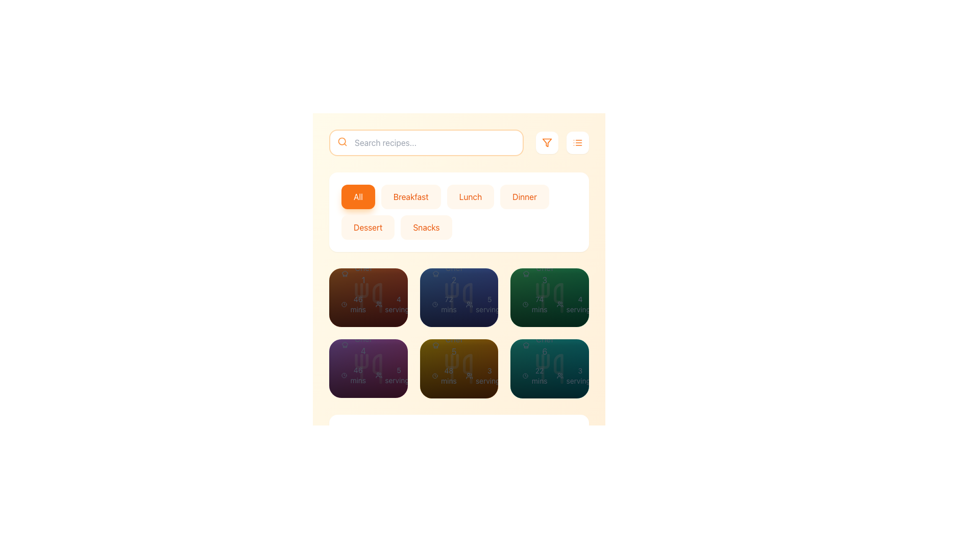 The height and width of the screenshot is (551, 980). Describe the element at coordinates (519, 297) in the screenshot. I see `the circular button with a pinkish-red background and a white outlined heart icon located at the bottom-right corner of the green card` at that location.